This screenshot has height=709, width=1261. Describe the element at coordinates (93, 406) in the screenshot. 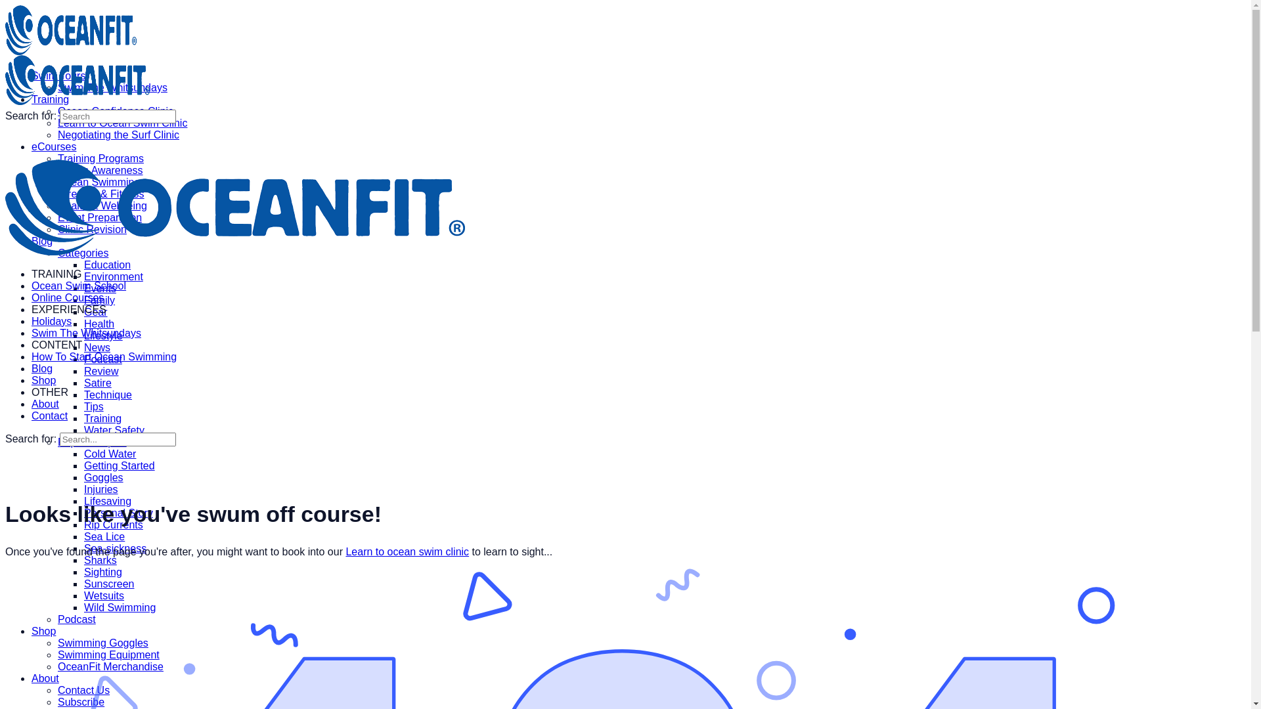

I see `'Tips'` at that location.